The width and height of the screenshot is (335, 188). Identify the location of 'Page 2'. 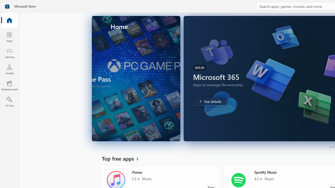
(333, 147).